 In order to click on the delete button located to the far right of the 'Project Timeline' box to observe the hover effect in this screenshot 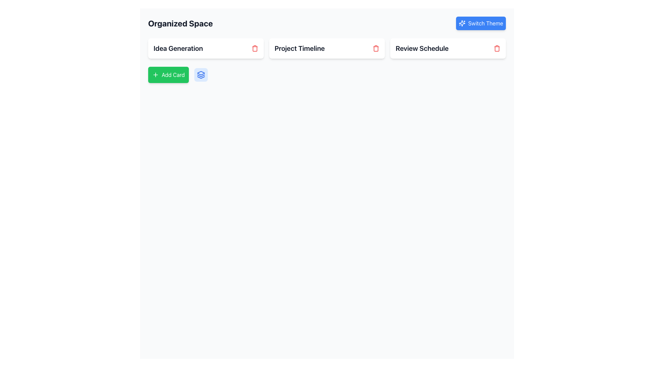, I will do `click(375, 48)`.